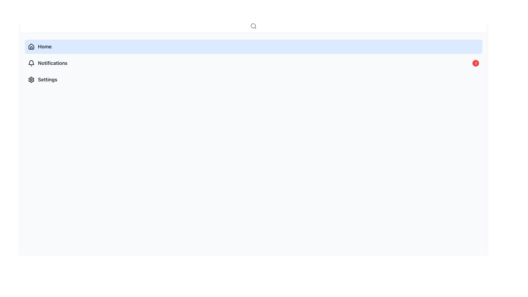 The width and height of the screenshot is (528, 297). I want to click on the 'Settings' list menu item, which is represented by a cogwheel icon and the text 'Settings', the third item in the vertical list of the side menu, so click(42, 79).